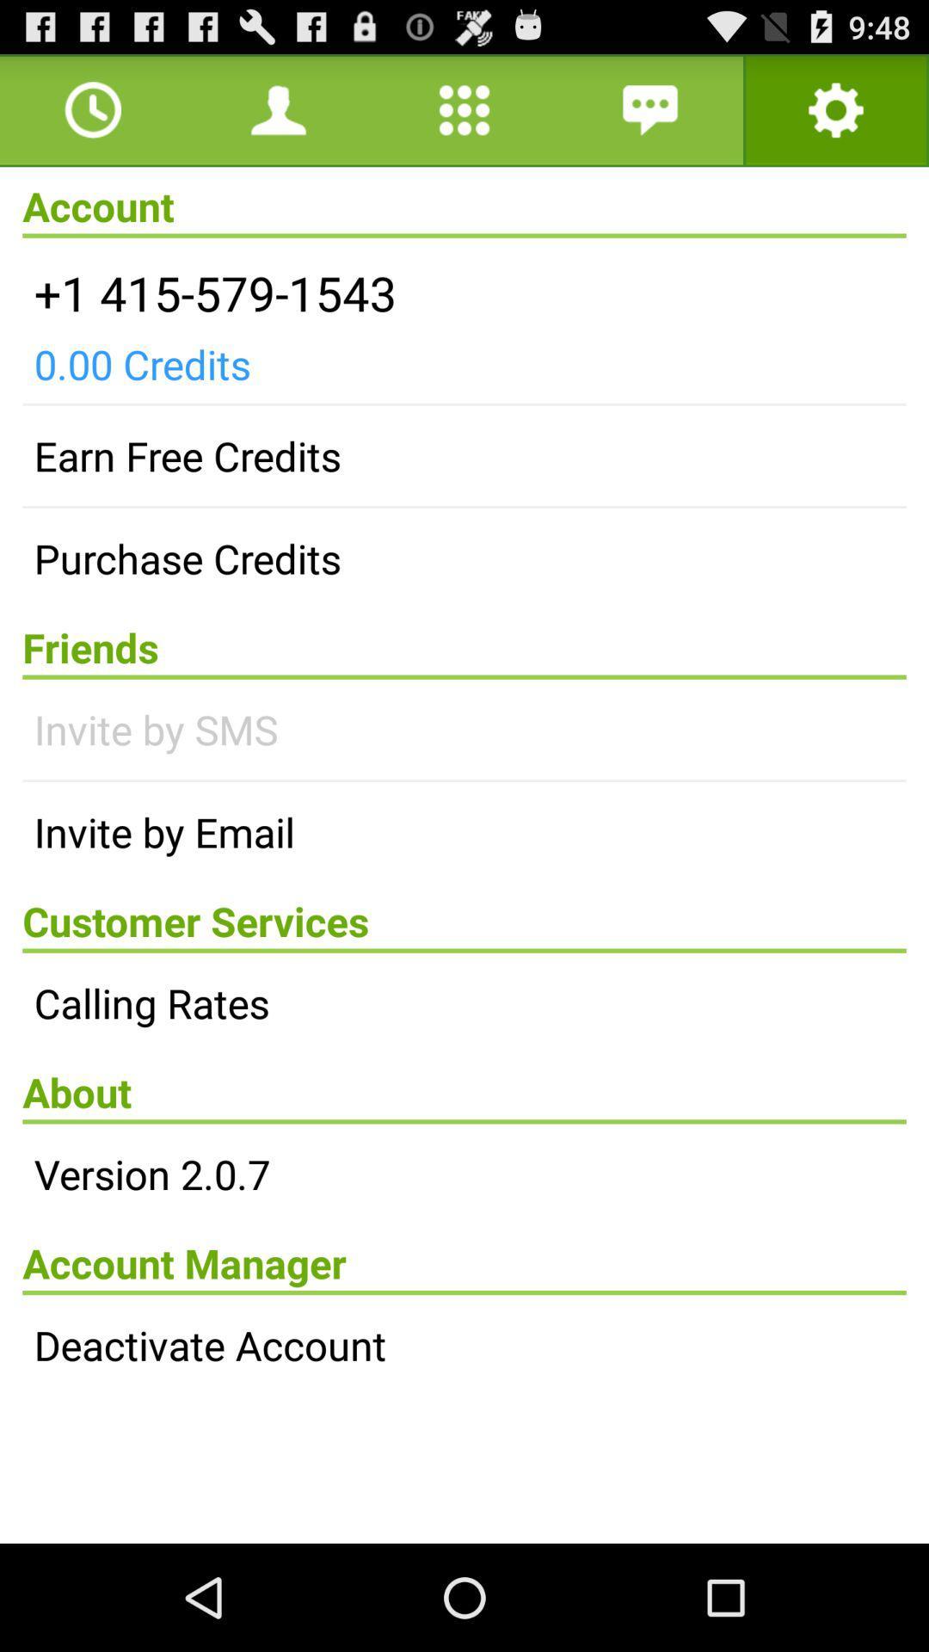 Image resolution: width=929 pixels, height=1652 pixels. I want to click on earn free credits, so click(464, 455).